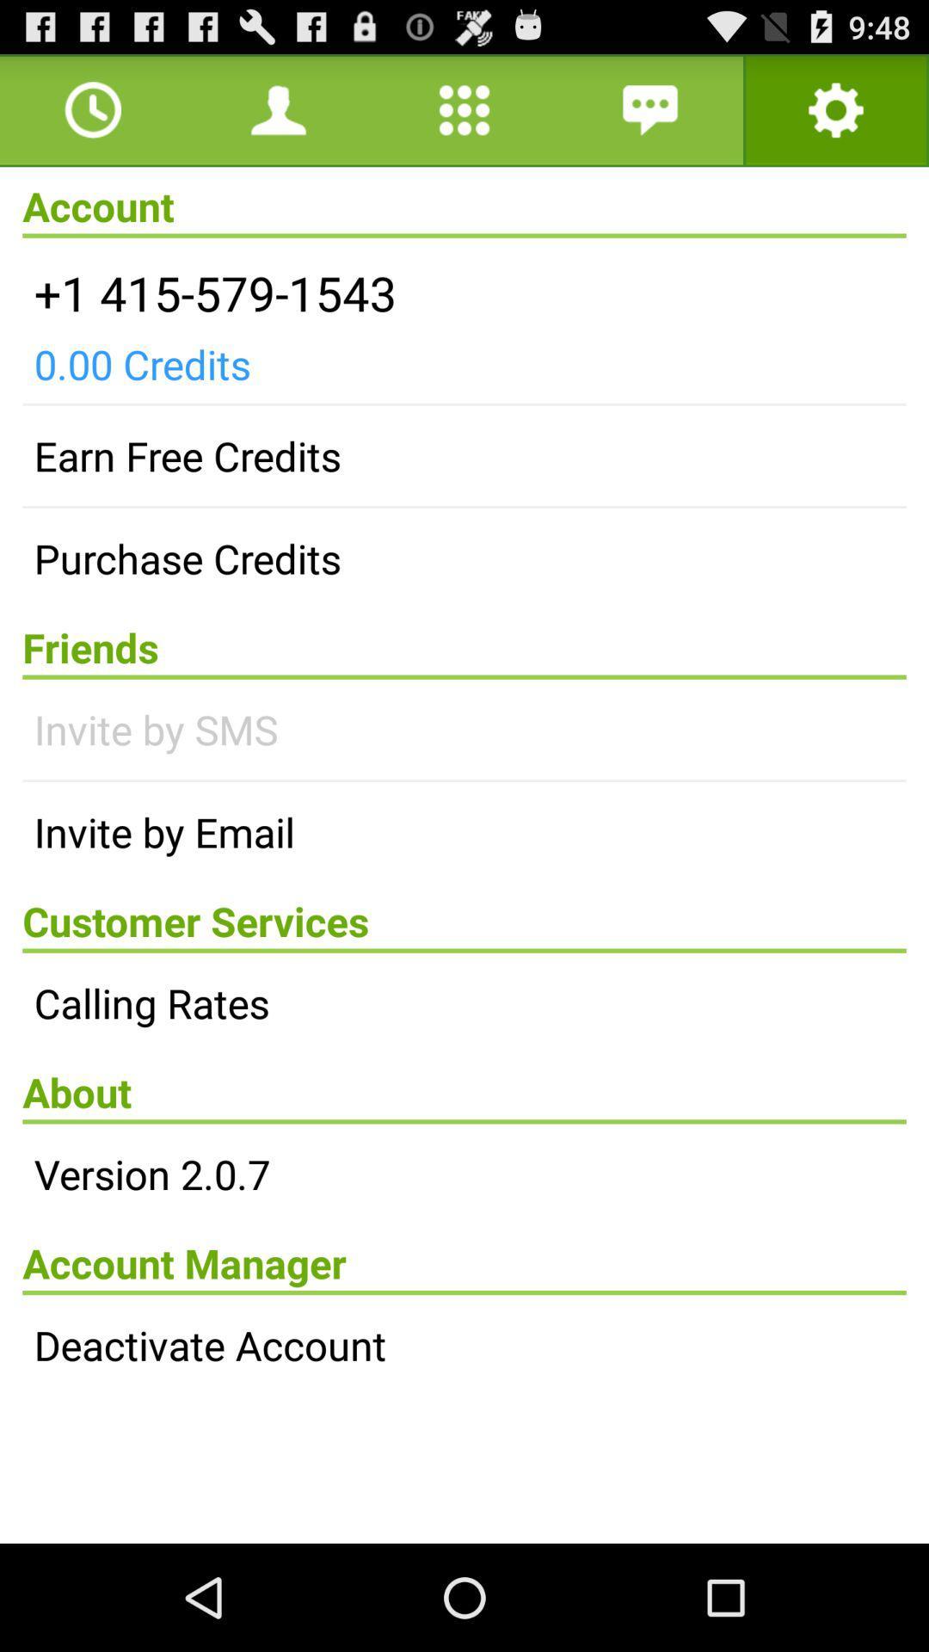 Image resolution: width=929 pixels, height=1652 pixels. I want to click on earn free credits, so click(464, 455).